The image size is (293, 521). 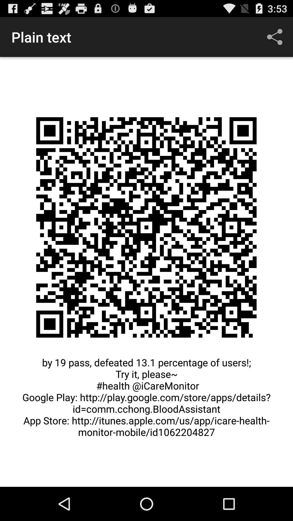 What do you see at coordinates (276, 37) in the screenshot?
I see `icon at the top right corner` at bounding box center [276, 37].